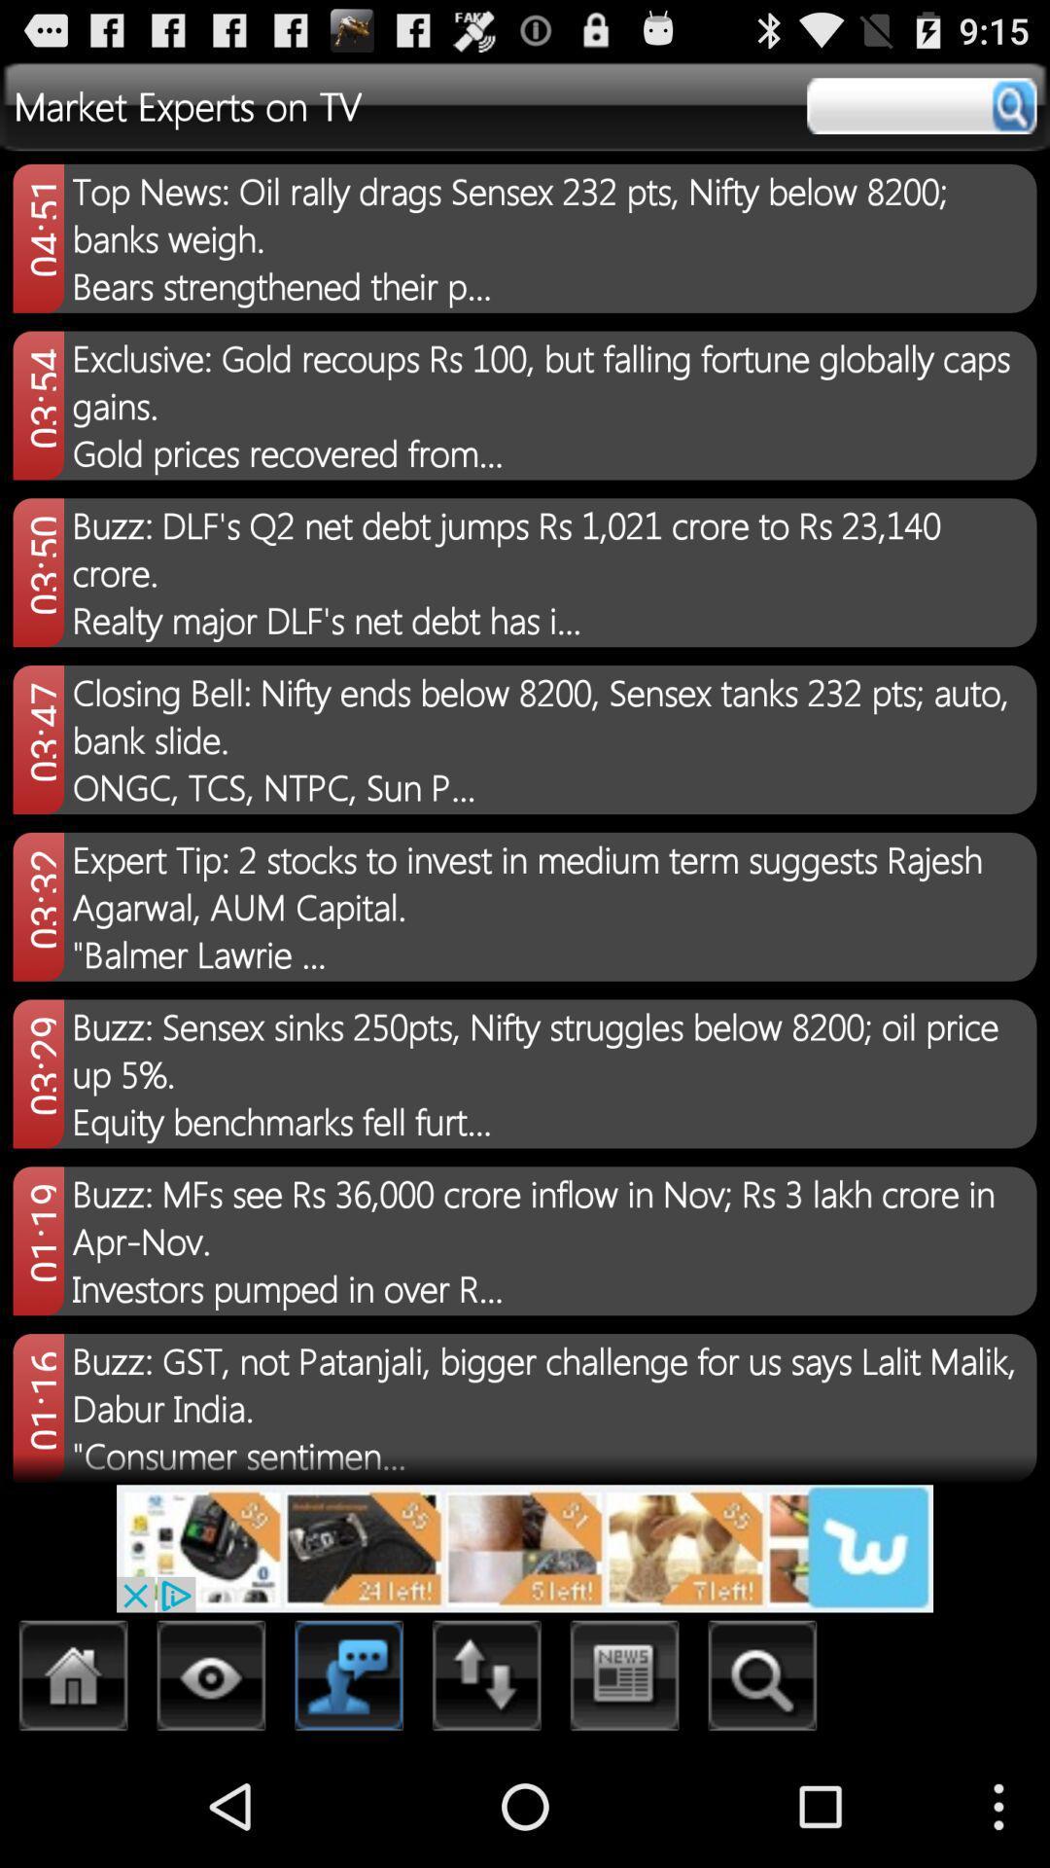  I want to click on move up or down, so click(486, 1680).